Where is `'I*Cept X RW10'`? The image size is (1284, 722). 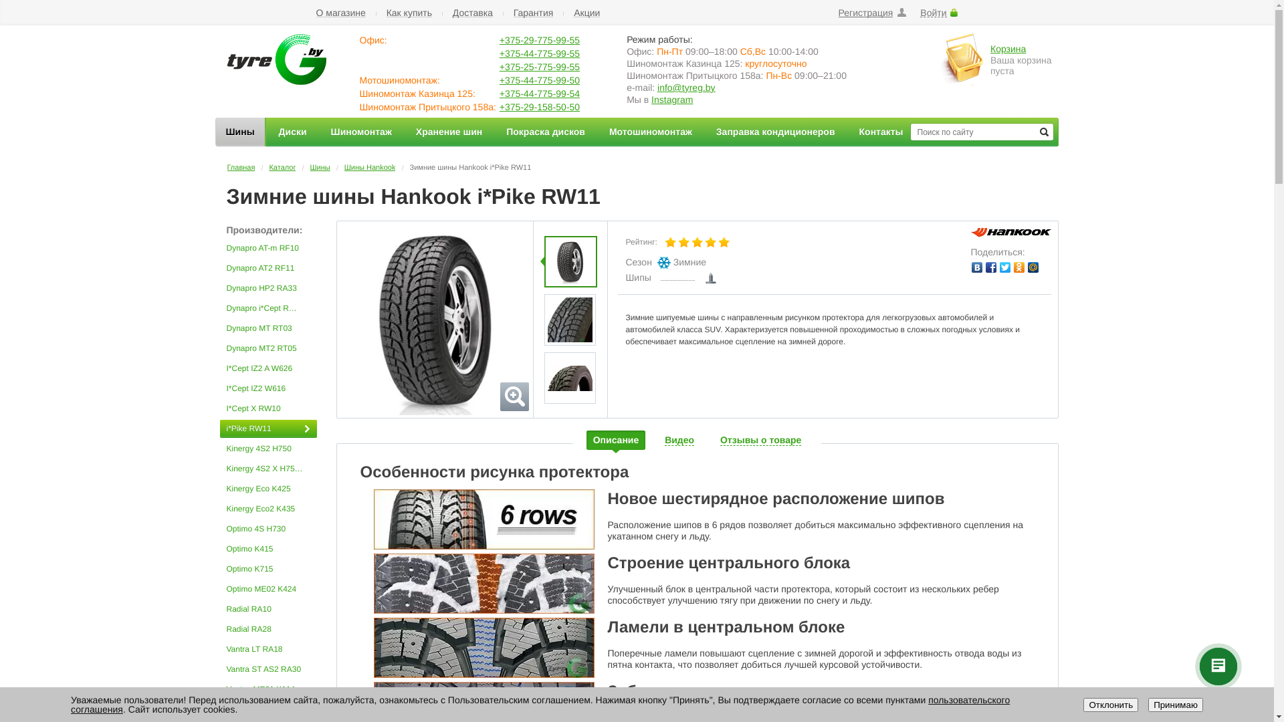
'I*Cept X RW10' is located at coordinates (267, 408).